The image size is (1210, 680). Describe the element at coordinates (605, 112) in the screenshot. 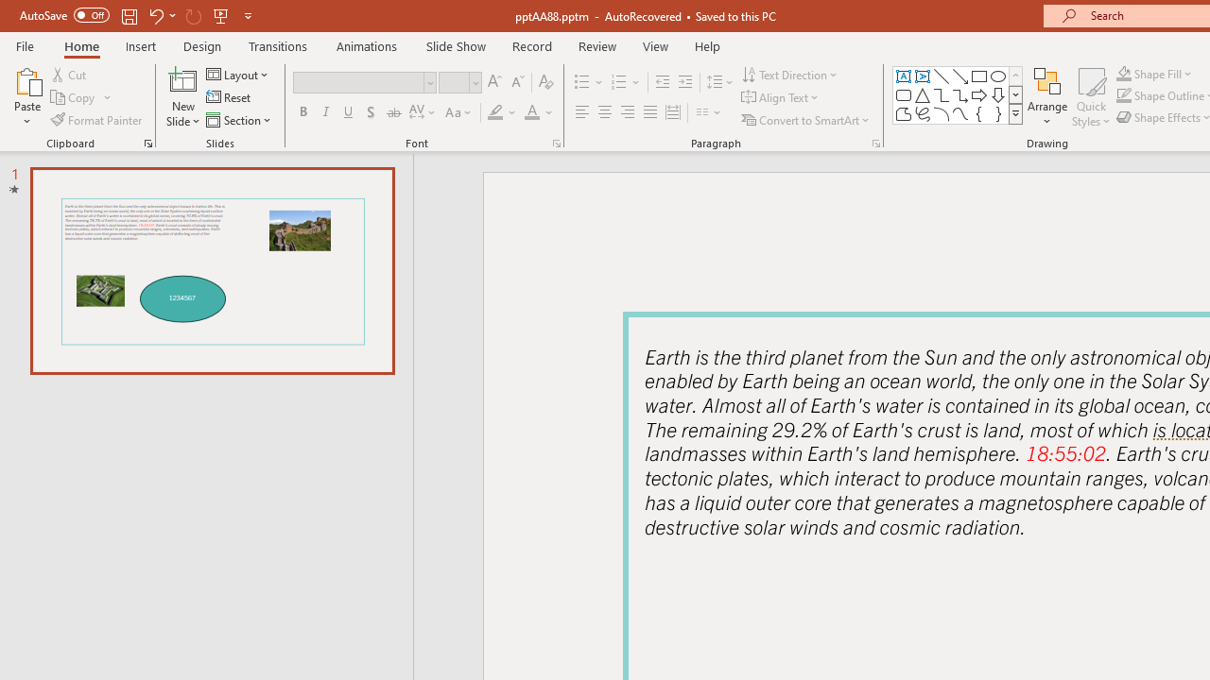

I see `'Center'` at that location.